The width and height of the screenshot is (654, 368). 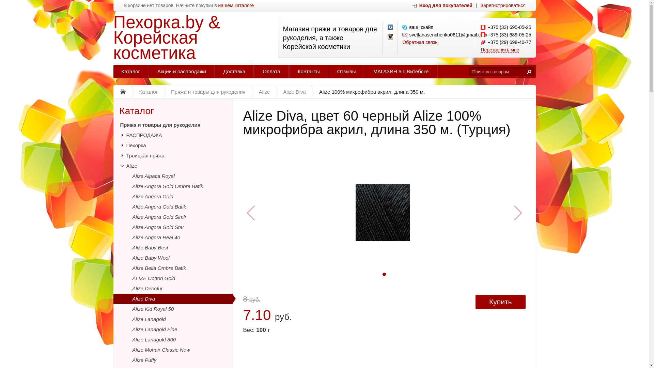 What do you see at coordinates (173, 175) in the screenshot?
I see `'Alize Alpaca Royal'` at bounding box center [173, 175].